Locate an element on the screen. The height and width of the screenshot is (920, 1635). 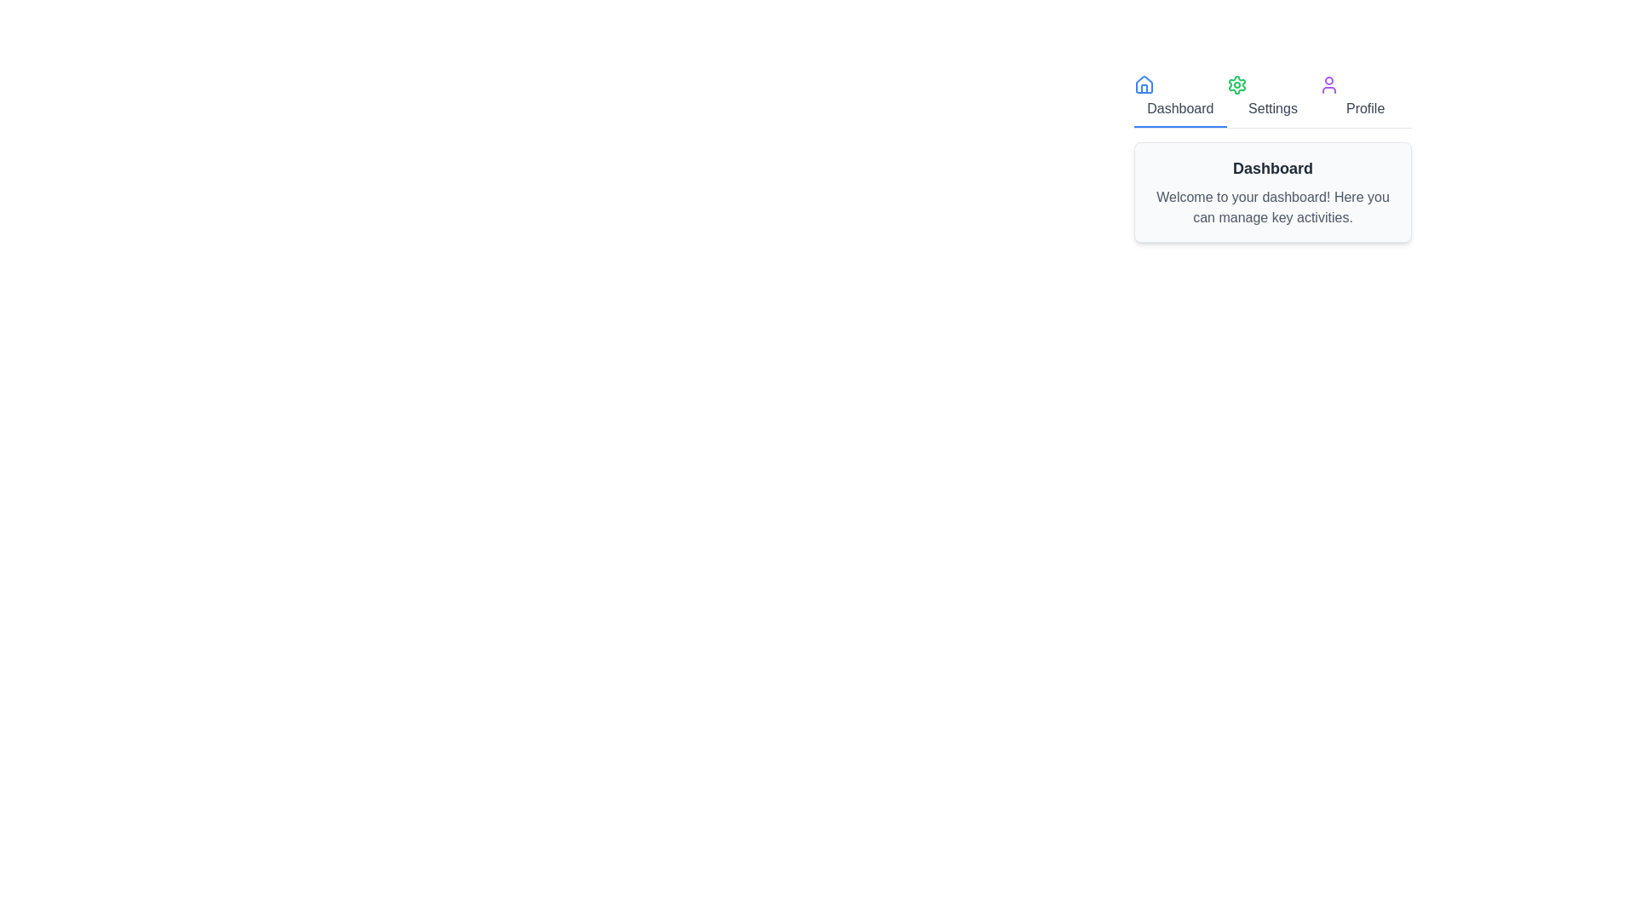
the icon of the Profile tab to see visual feedback is located at coordinates (1328, 85).